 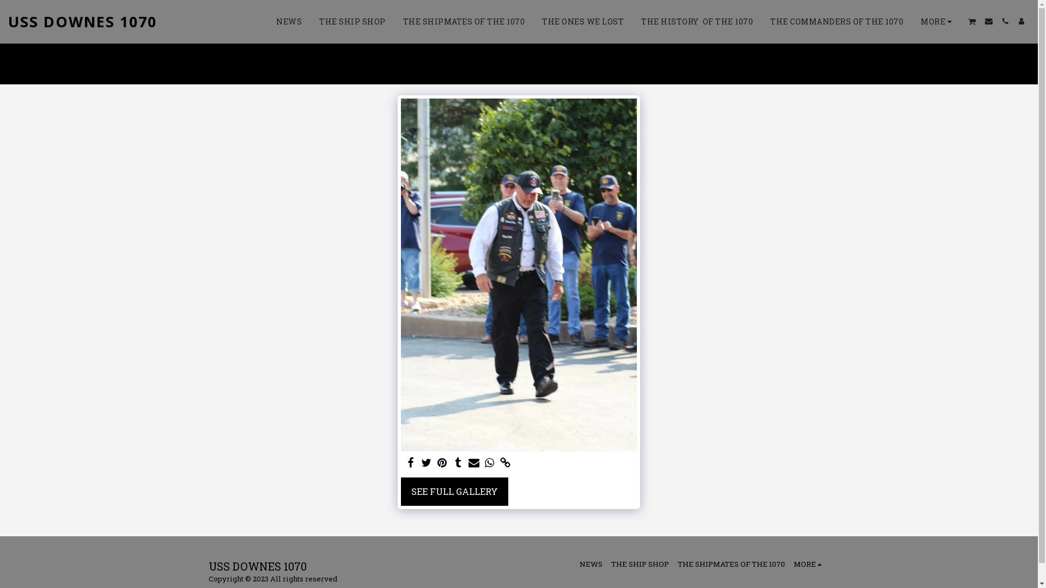 I want to click on 'SEE FULL GALLERY', so click(x=454, y=491).